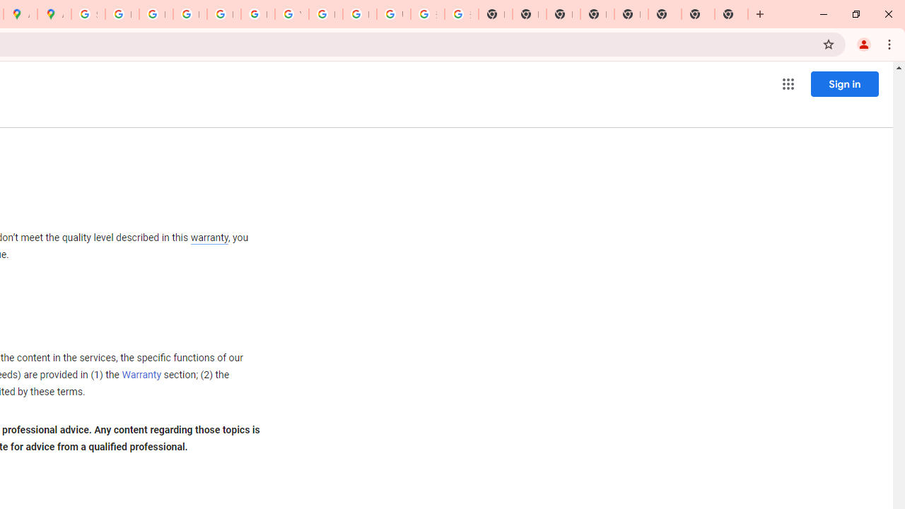 This screenshot has height=509, width=905. Describe the element at coordinates (156, 14) in the screenshot. I see `'Privacy Help Center - Policies Help'` at that location.